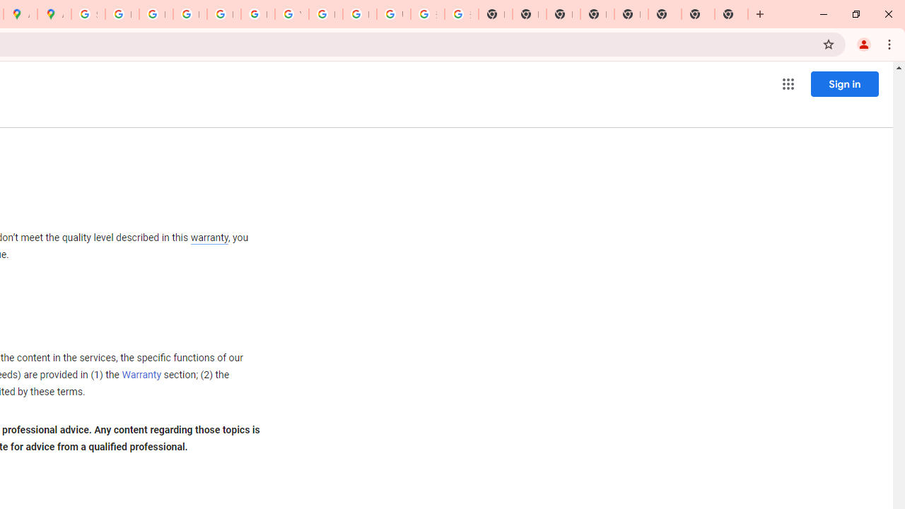 This screenshot has height=509, width=905. Describe the element at coordinates (156, 14) in the screenshot. I see `'Privacy Help Center - Policies Help'` at that location.